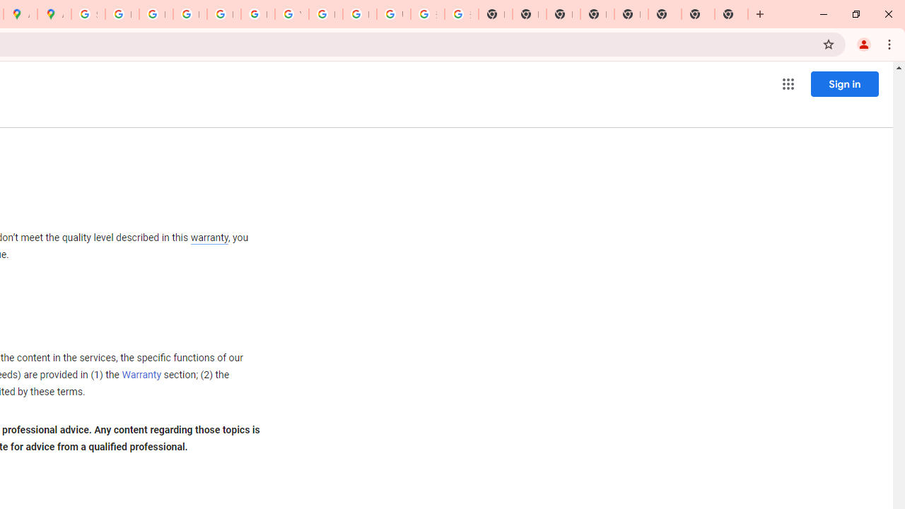 This screenshot has height=509, width=905. Describe the element at coordinates (156, 14) in the screenshot. I see `'Privacy Help Center - Policies Help'` at that location.